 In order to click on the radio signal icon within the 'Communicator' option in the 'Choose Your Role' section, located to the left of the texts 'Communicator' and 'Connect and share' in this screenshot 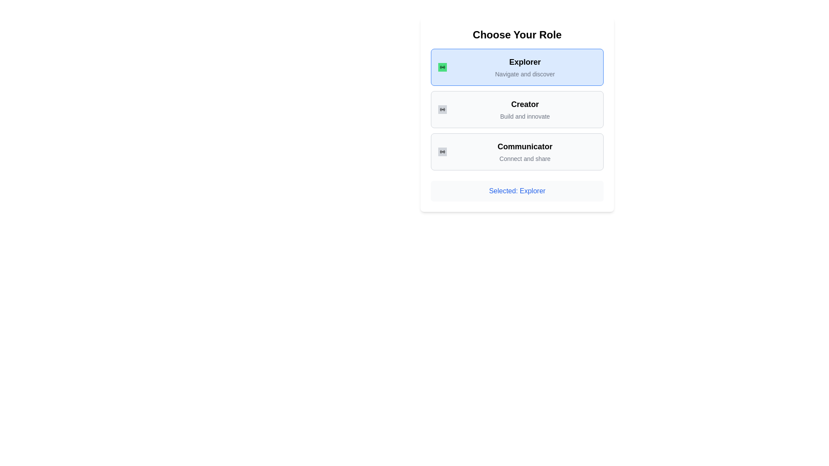, I will do `click(443, 151)`.